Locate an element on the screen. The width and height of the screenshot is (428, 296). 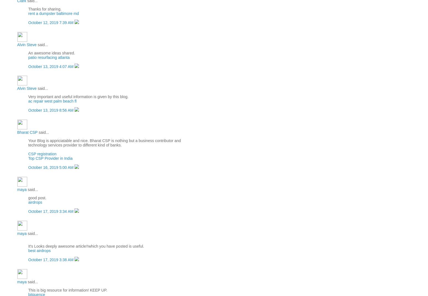
'Thanks for sharing.' is located at coordinates (45, 9).